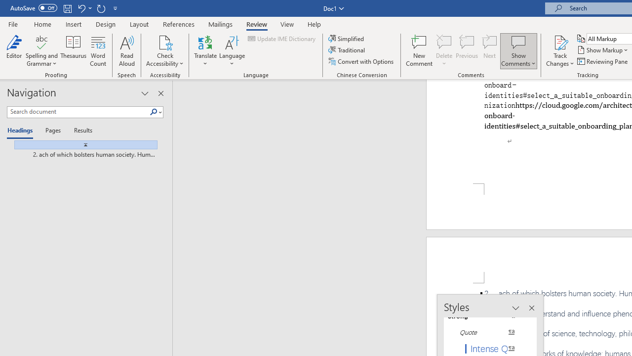 This screenshot has height=356, width=632. I want to click on 'Check Accessibility', so click(165, 51).